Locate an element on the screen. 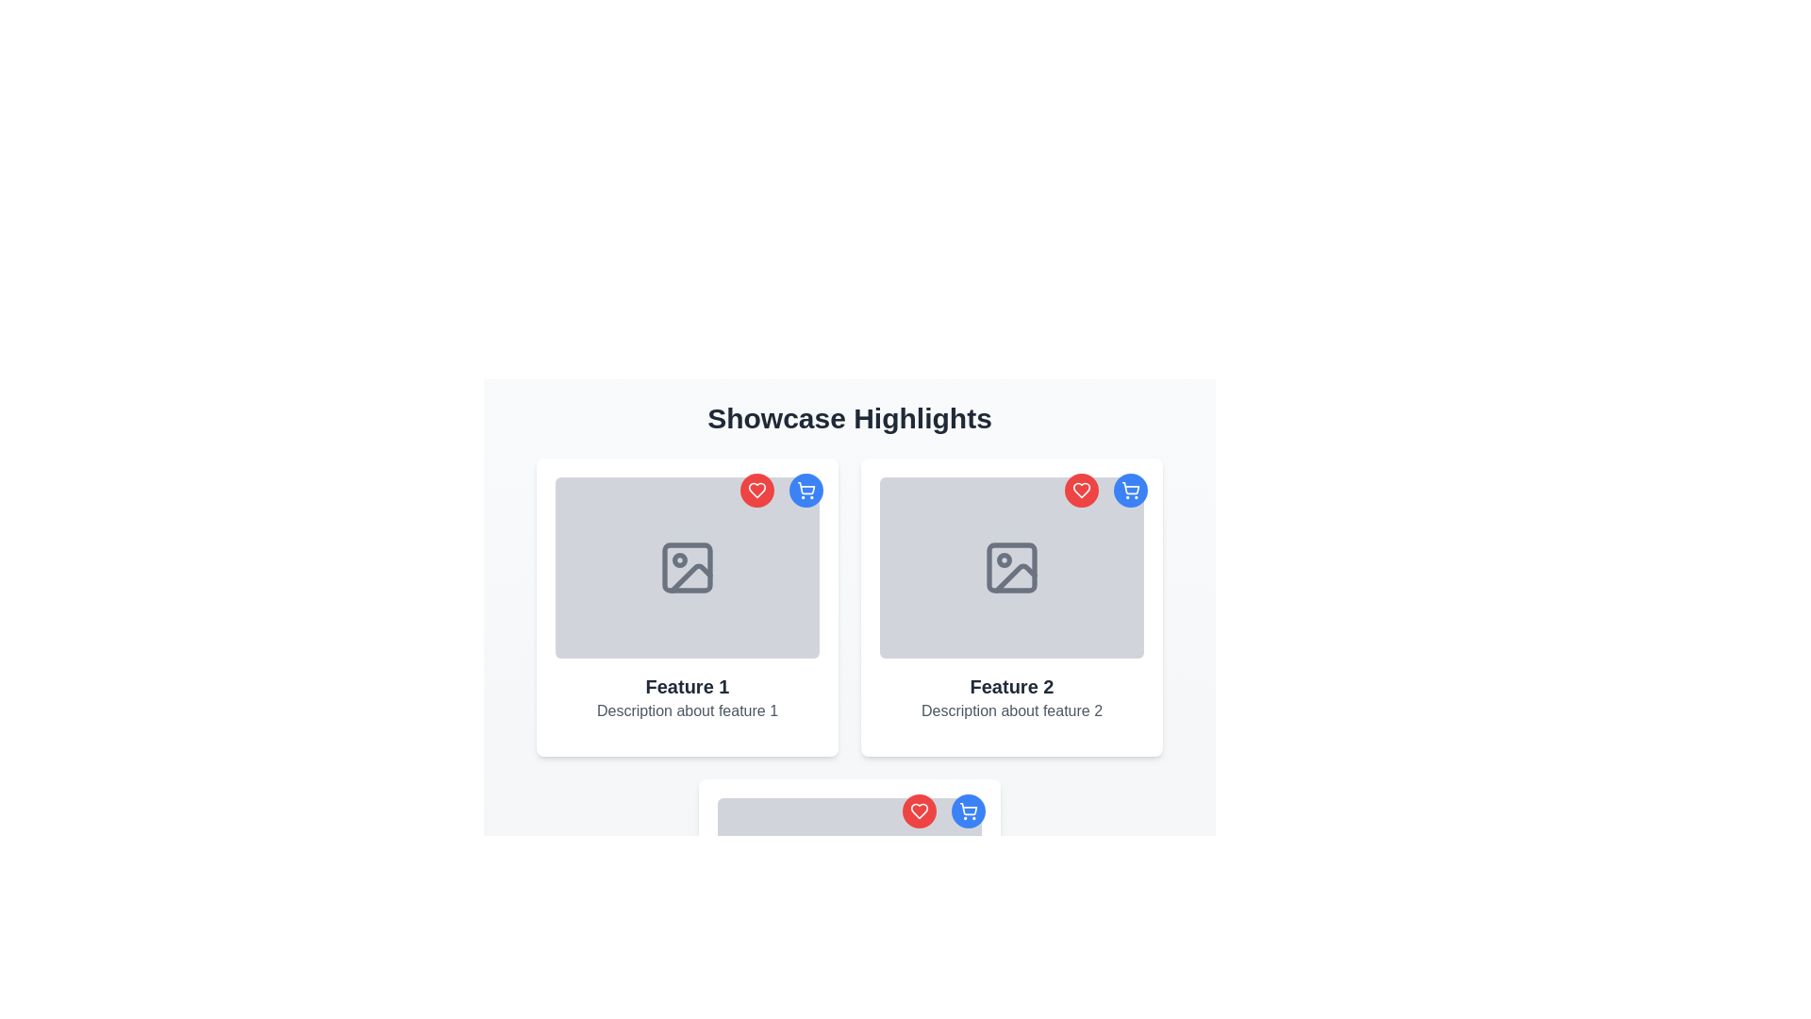  the small rounded rectangle located at the center of the gray image icon within the 'Feature 2' panel is located at coordinates (1011, 566).